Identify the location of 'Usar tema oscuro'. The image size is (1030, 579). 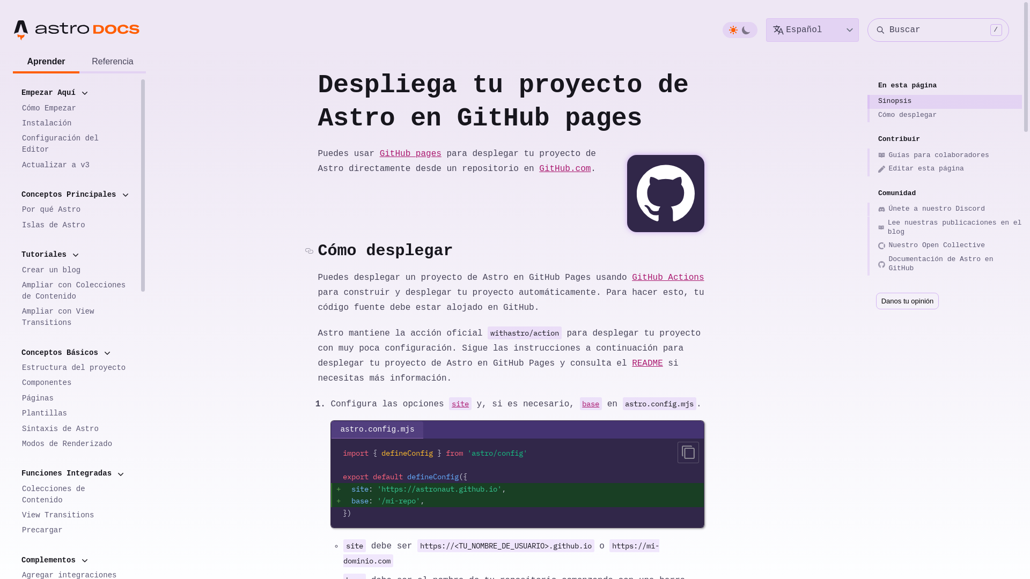
(740, 29).